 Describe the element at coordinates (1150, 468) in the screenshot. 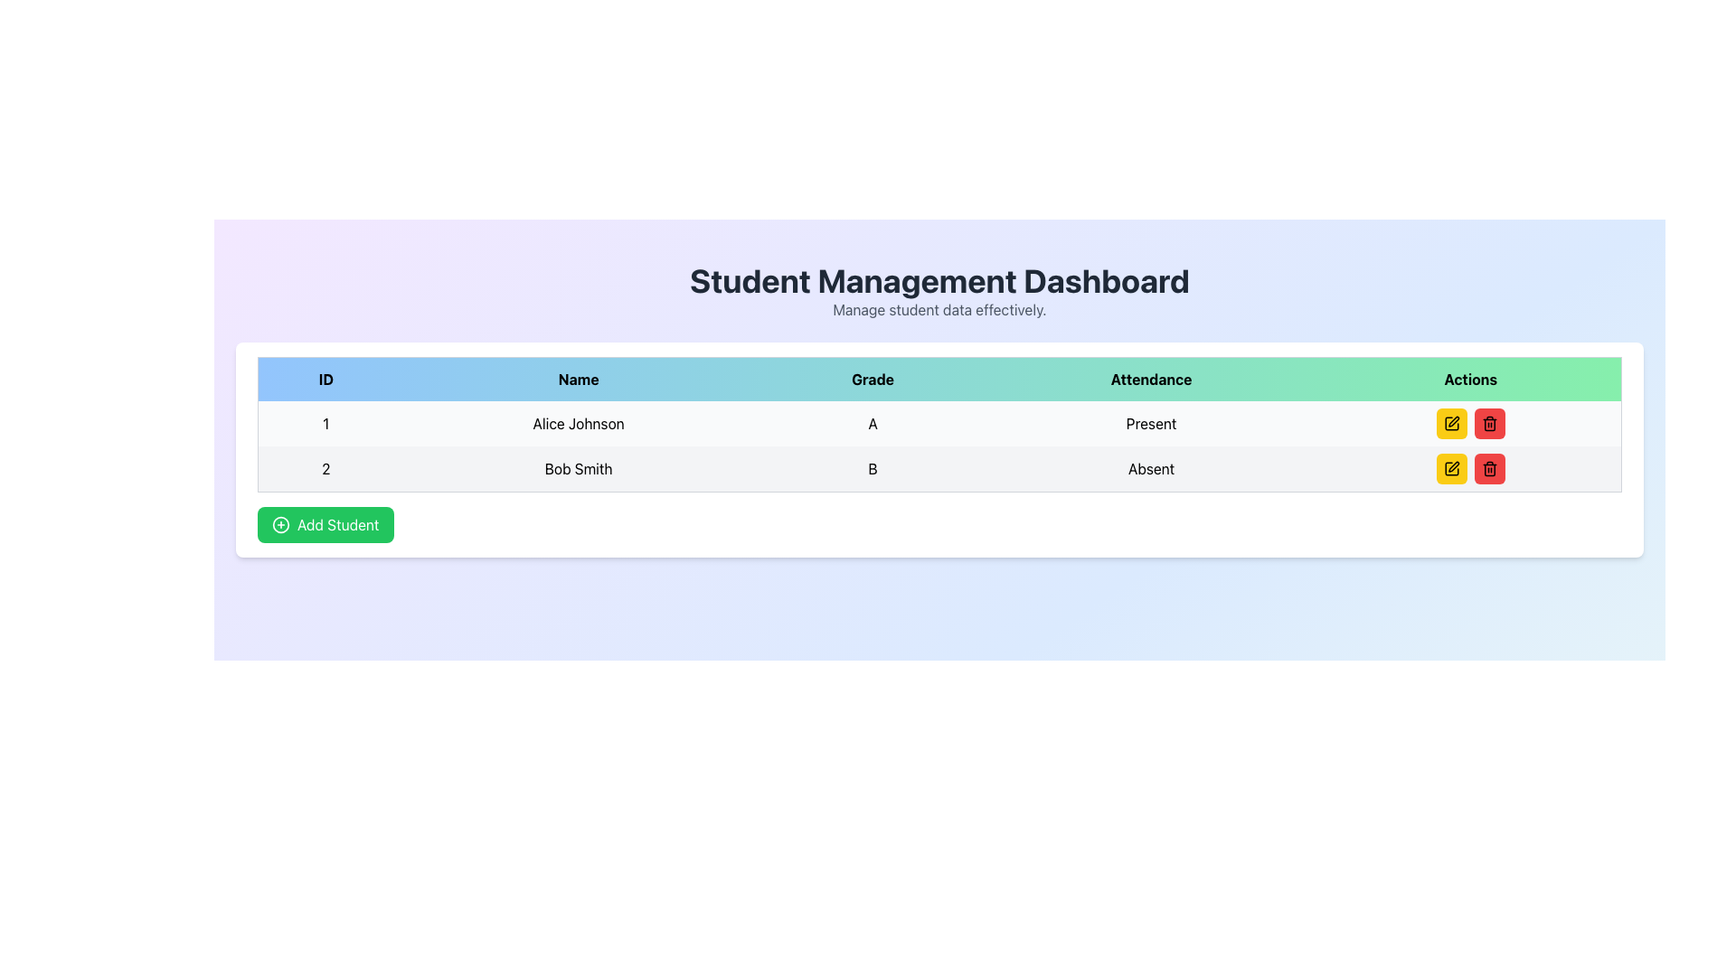

I see `the 'Absent' text label in the Attendance column for student 'Bob Smith' located in the second row of the table` at that location.